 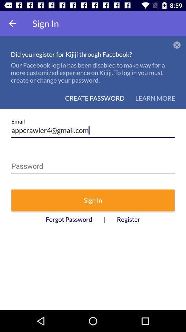 What do you see at coordinates (93, 164) in the screenshot?
I see `the icon below the appcrawler4@gmail.com icon` at bounding box center [93, 164].